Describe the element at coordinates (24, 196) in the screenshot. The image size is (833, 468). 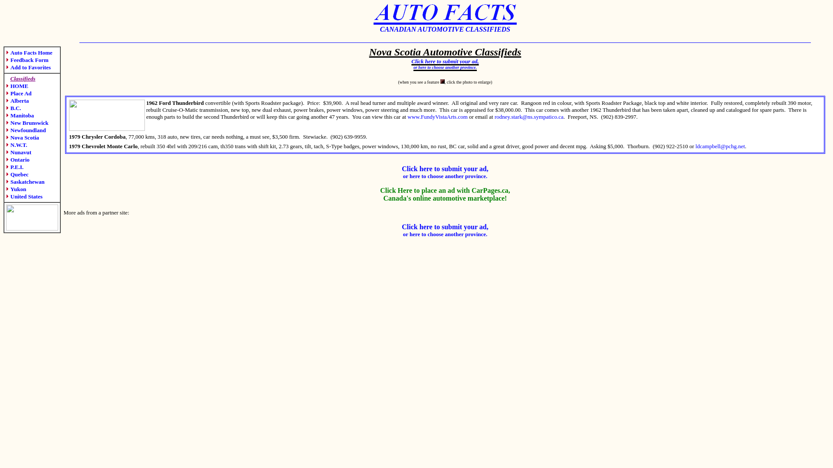
I see `'United States'` at that location.